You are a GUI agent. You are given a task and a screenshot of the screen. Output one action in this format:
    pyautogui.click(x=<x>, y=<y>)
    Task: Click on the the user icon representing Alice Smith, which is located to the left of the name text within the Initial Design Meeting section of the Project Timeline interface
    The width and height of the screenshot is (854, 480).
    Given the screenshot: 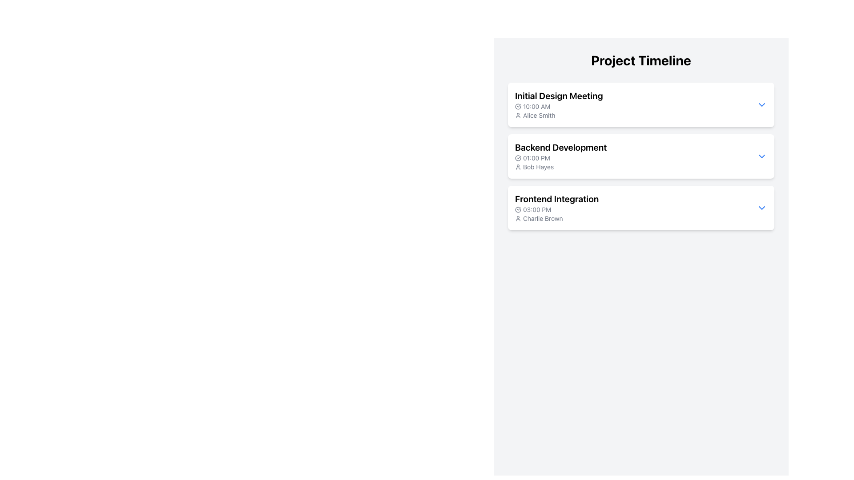 What is the action you would take?
    pyautogui.click(x=518, y=115)
    